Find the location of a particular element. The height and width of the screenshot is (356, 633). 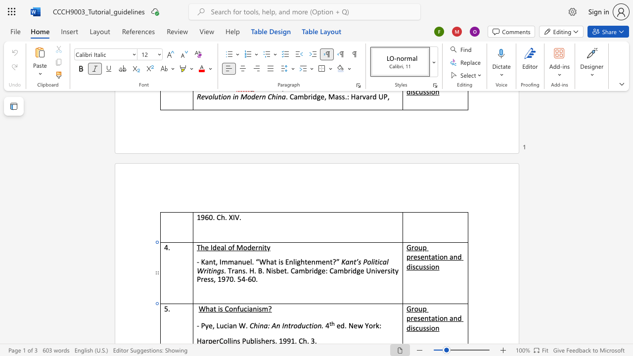

the space between the continuous character "9" and "6" in the text is located at coordinates (204, 217).